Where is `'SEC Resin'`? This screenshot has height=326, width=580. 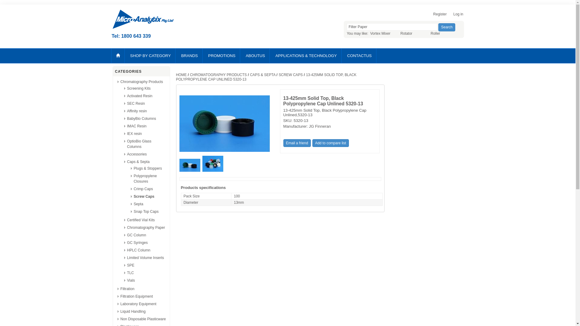
'SEC Resin' is located at coordinates (135, 103).